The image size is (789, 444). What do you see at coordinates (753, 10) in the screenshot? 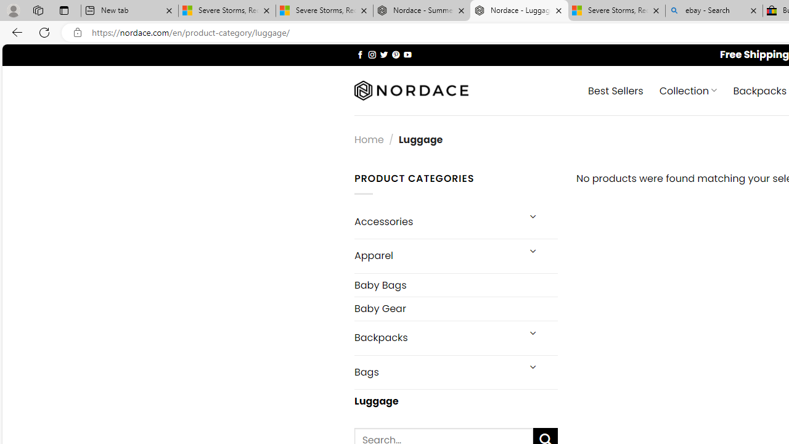
I see `'Close tab'` at bounding box center [753, 10].